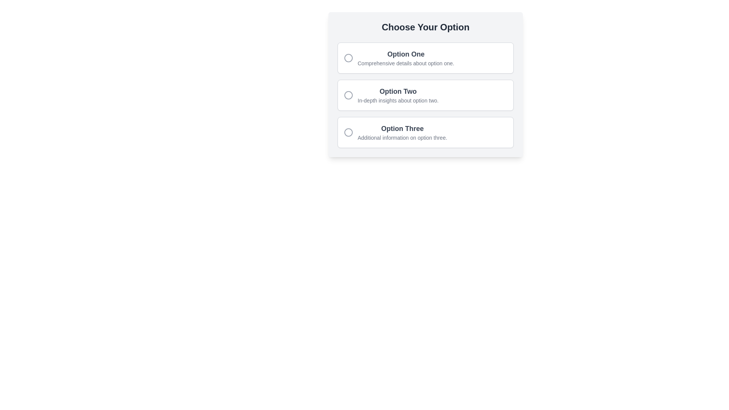  Describe the element at coordinates (398, 100) in the screenshot. I see `descriptive text element that provides information about the second selectable option in a three-option list, positioned beneath 'Option Two'` at that location.